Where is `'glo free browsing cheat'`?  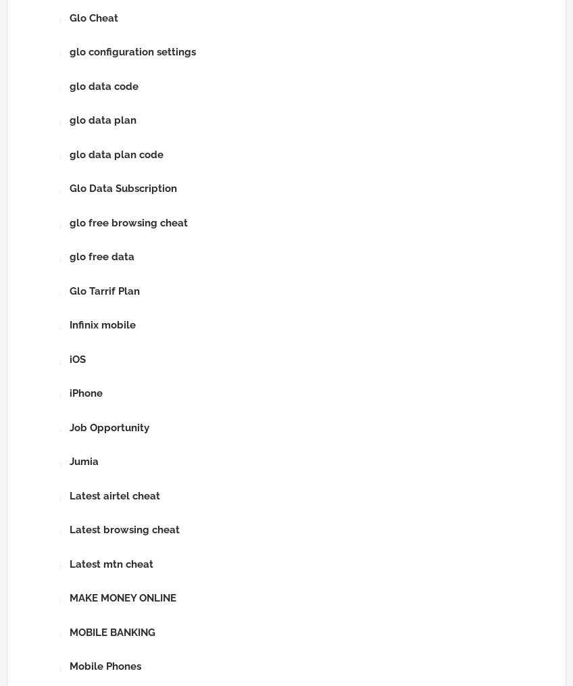 'glo free browsing cheat' is located at coordinates (128, 221).